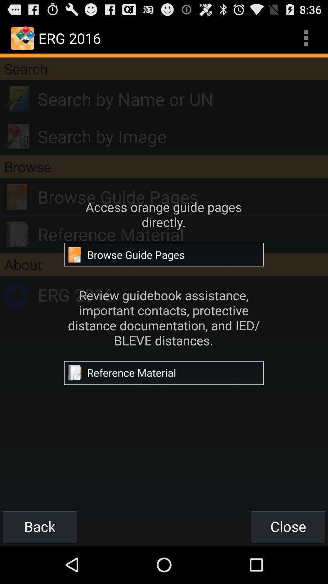  What do you see at coordinates (306, 38) in the screenshot?
I see `the app next to the erg 2016` at bounding box center [306, 38].